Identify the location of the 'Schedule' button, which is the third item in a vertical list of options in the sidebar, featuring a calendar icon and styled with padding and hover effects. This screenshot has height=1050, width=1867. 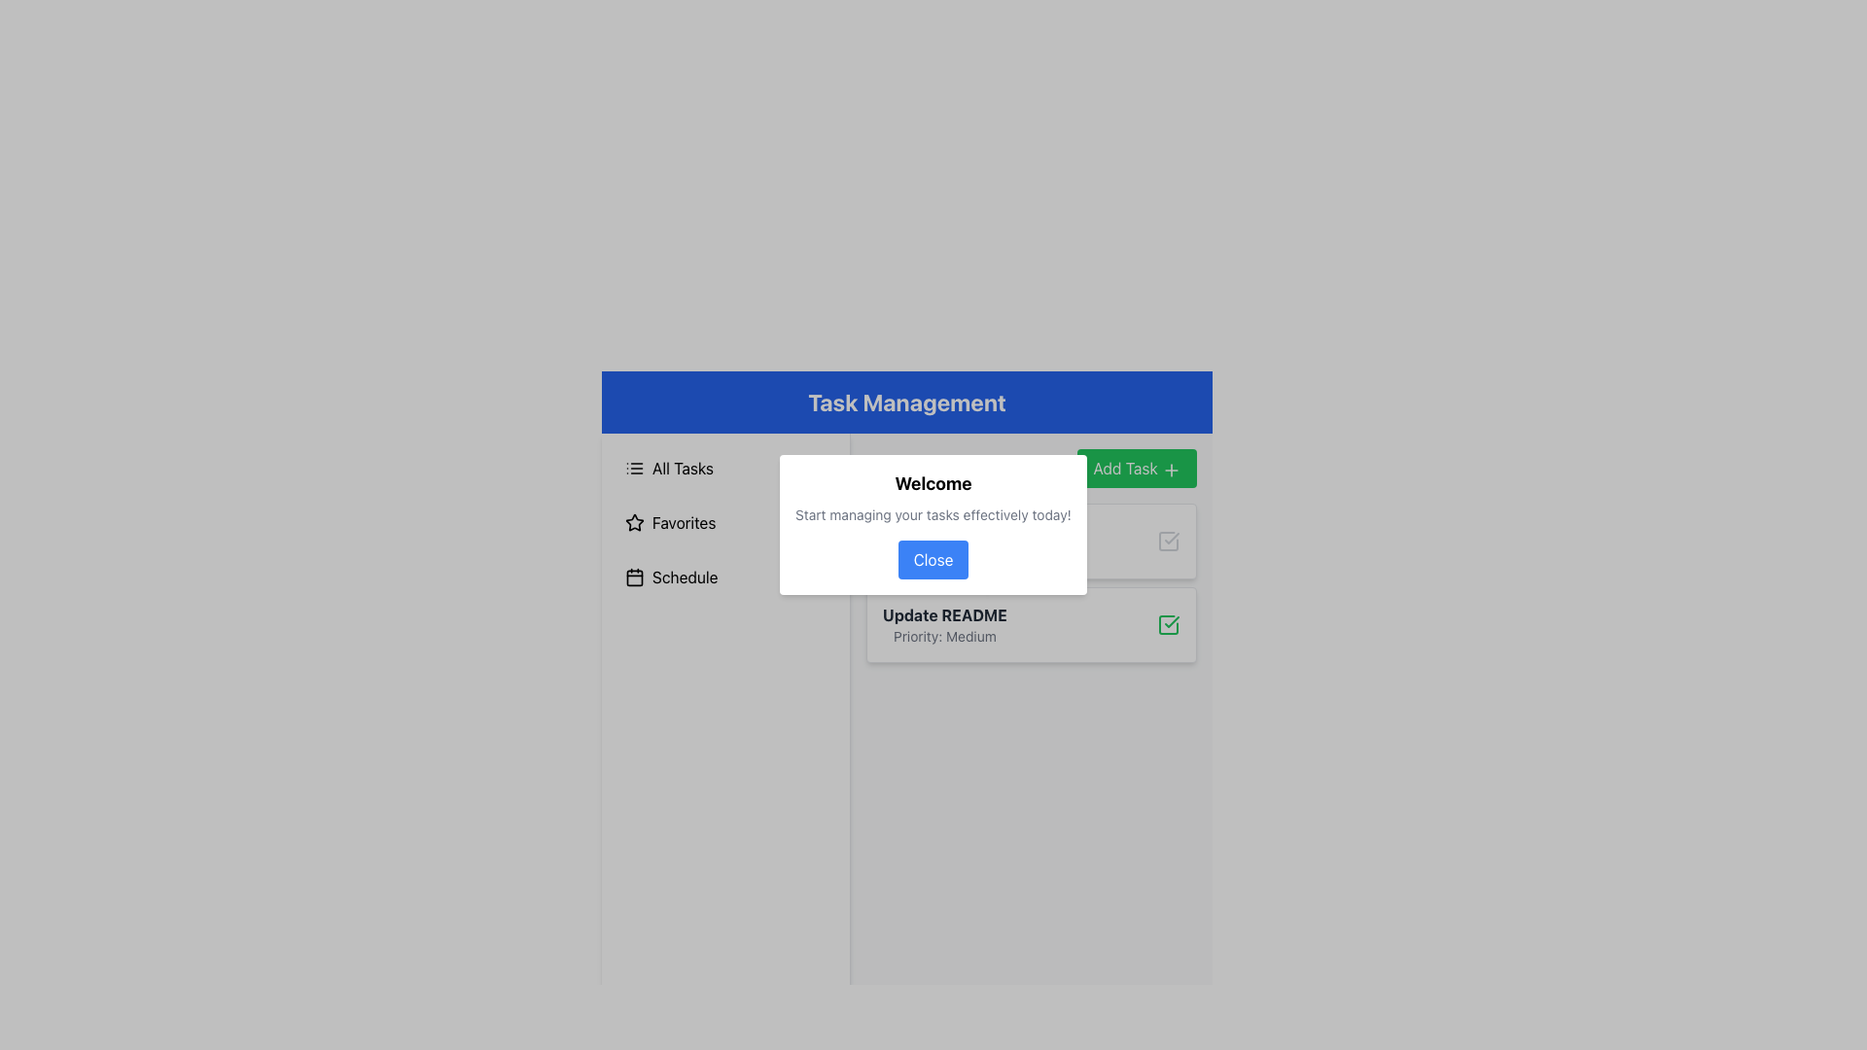
(671, 577).